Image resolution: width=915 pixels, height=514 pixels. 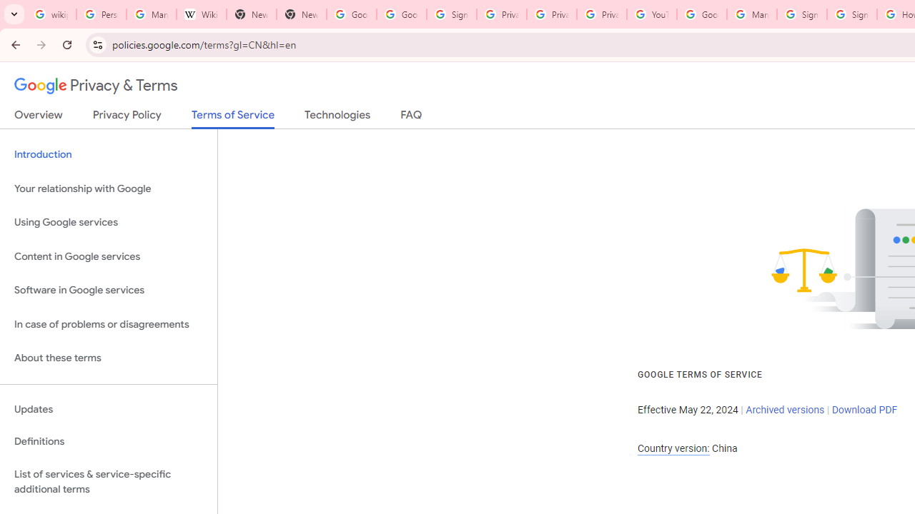 I want to click on 'Content in Google services', so click(x=108, y=256).